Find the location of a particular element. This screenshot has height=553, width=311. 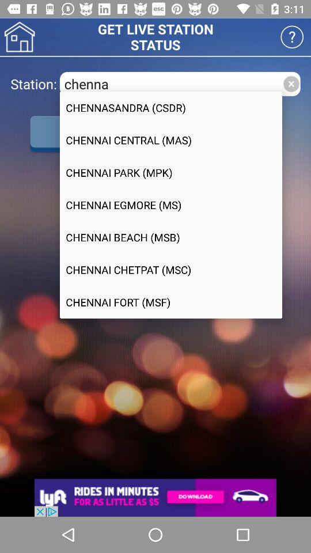

open the advertisement is located at coordinates (155, 497).